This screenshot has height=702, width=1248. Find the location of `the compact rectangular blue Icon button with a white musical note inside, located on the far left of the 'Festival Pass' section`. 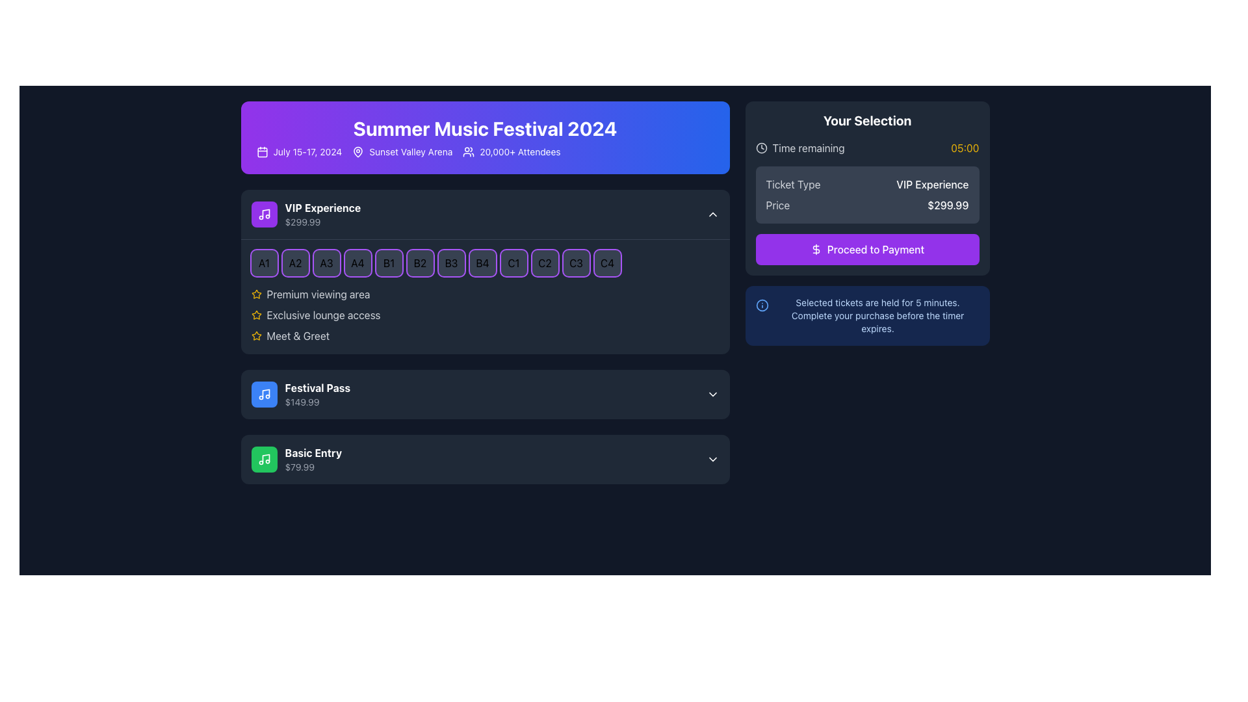

the compact rectangular blue Icon button with a white musical note inside, located on the far left of the 'Festival Pass' section is located at coordinates (263, 393).